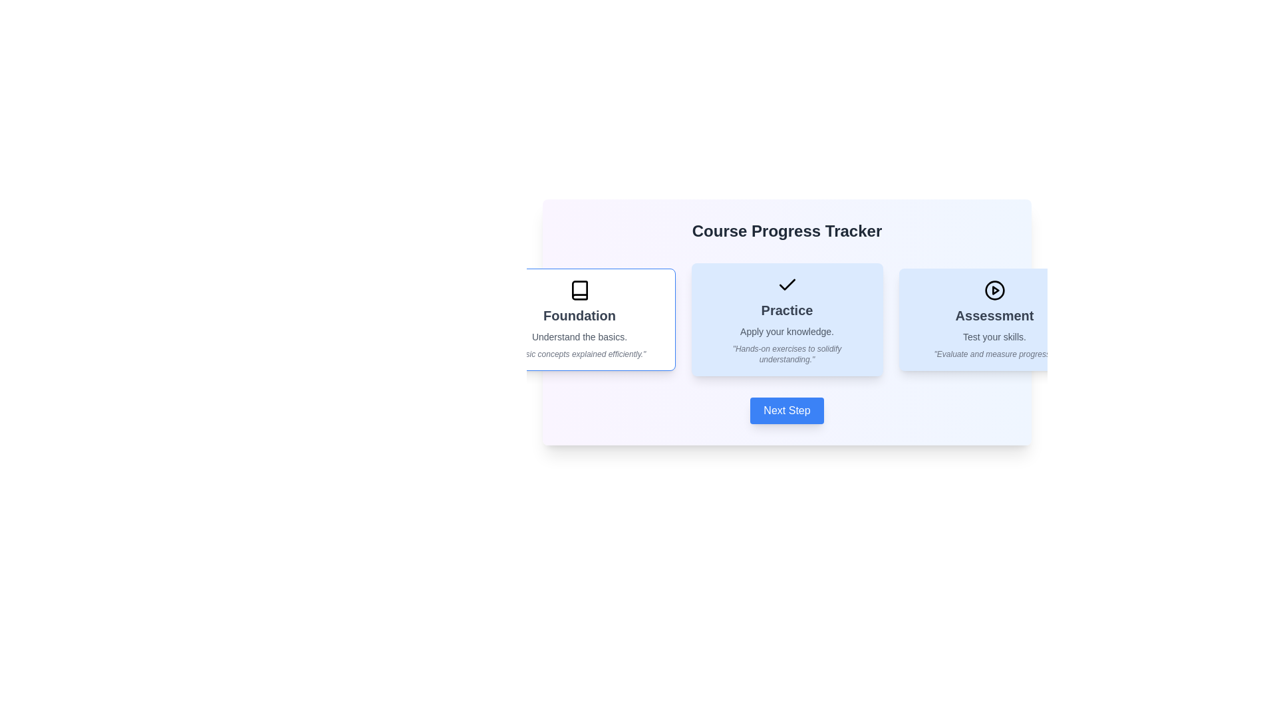  I want to click on the central 'Practice' module card in the course progress interface, positioned between the 'Foundation' and 'Assessment' cards, so click(787, 320).